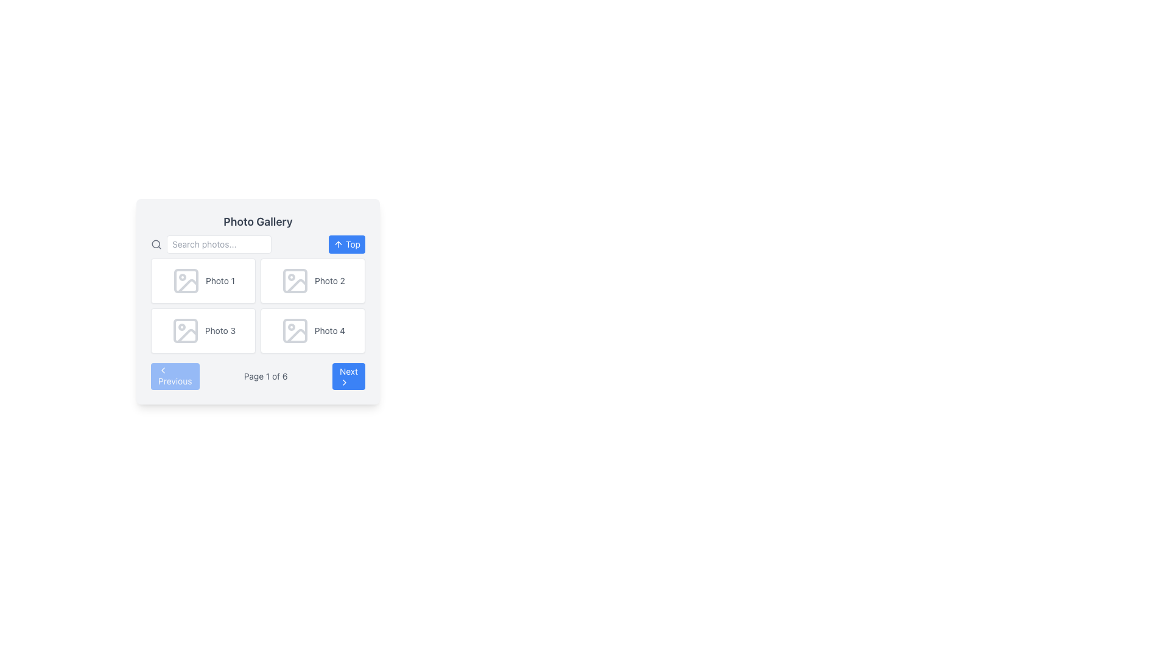 The height and width of the screenshot is (657, 1169). What do you see at coordinates (344, 381) in the screenshot?
I see `the 'Next' button containing the rightward chevron icon to proceed to the next page` at bounding box center [344, 381].